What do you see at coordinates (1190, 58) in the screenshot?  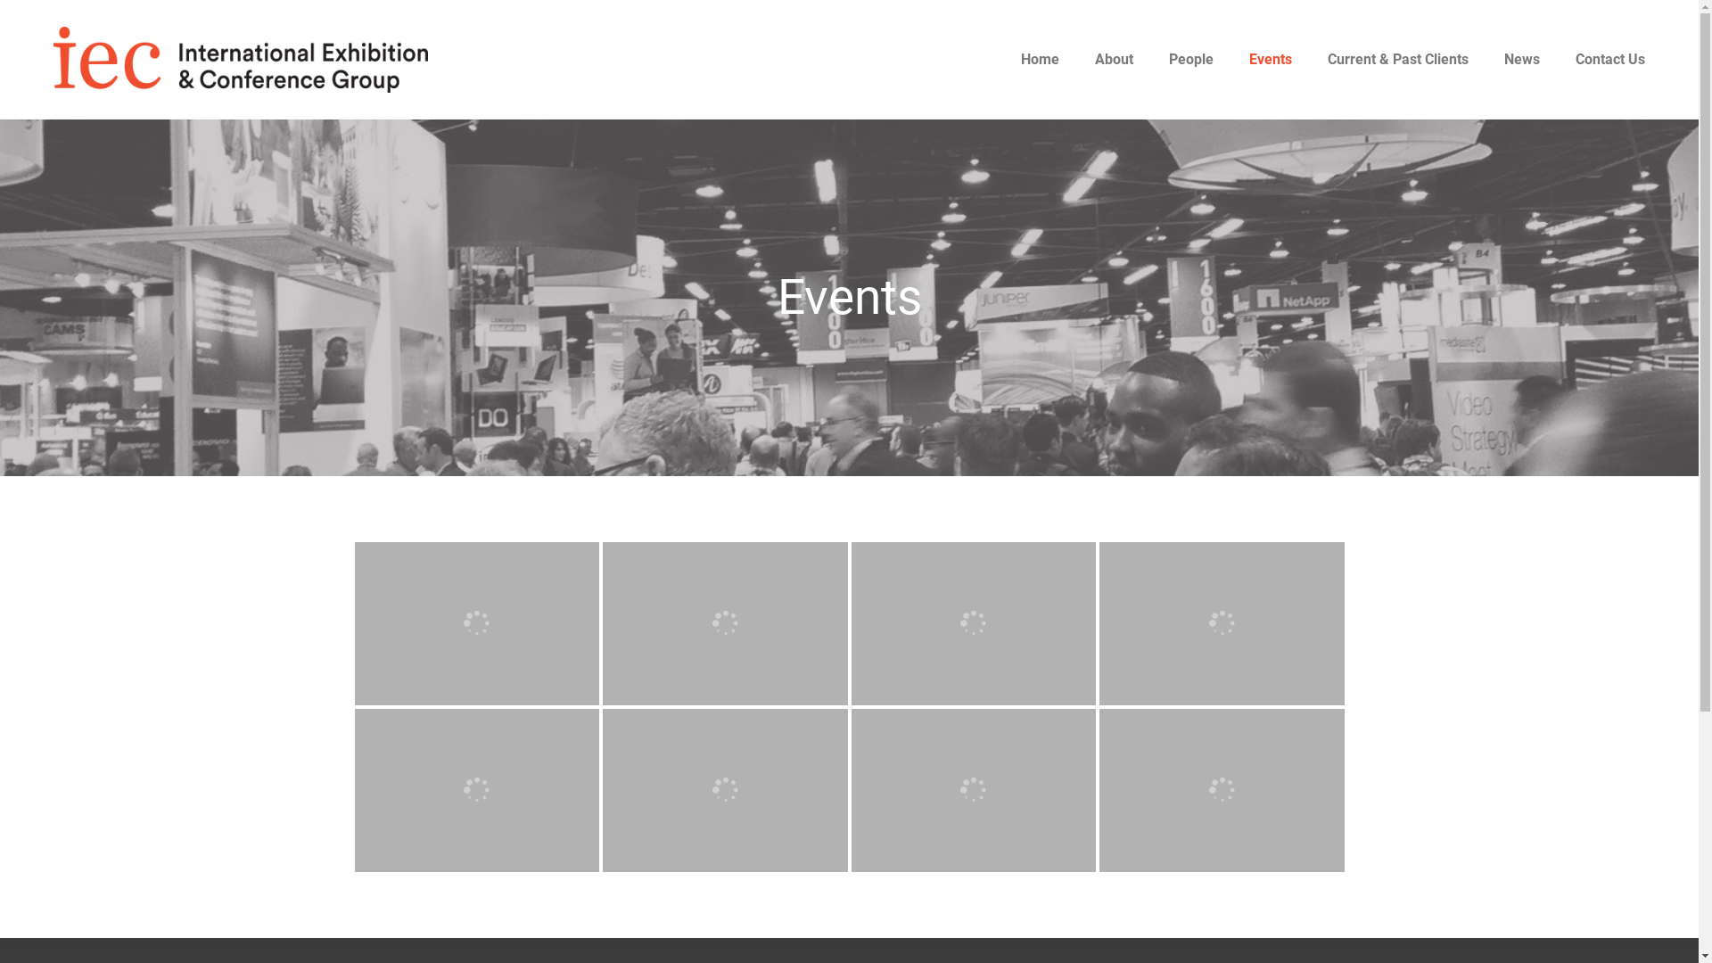 I see `'People'` at bounding box center [1190, 58].